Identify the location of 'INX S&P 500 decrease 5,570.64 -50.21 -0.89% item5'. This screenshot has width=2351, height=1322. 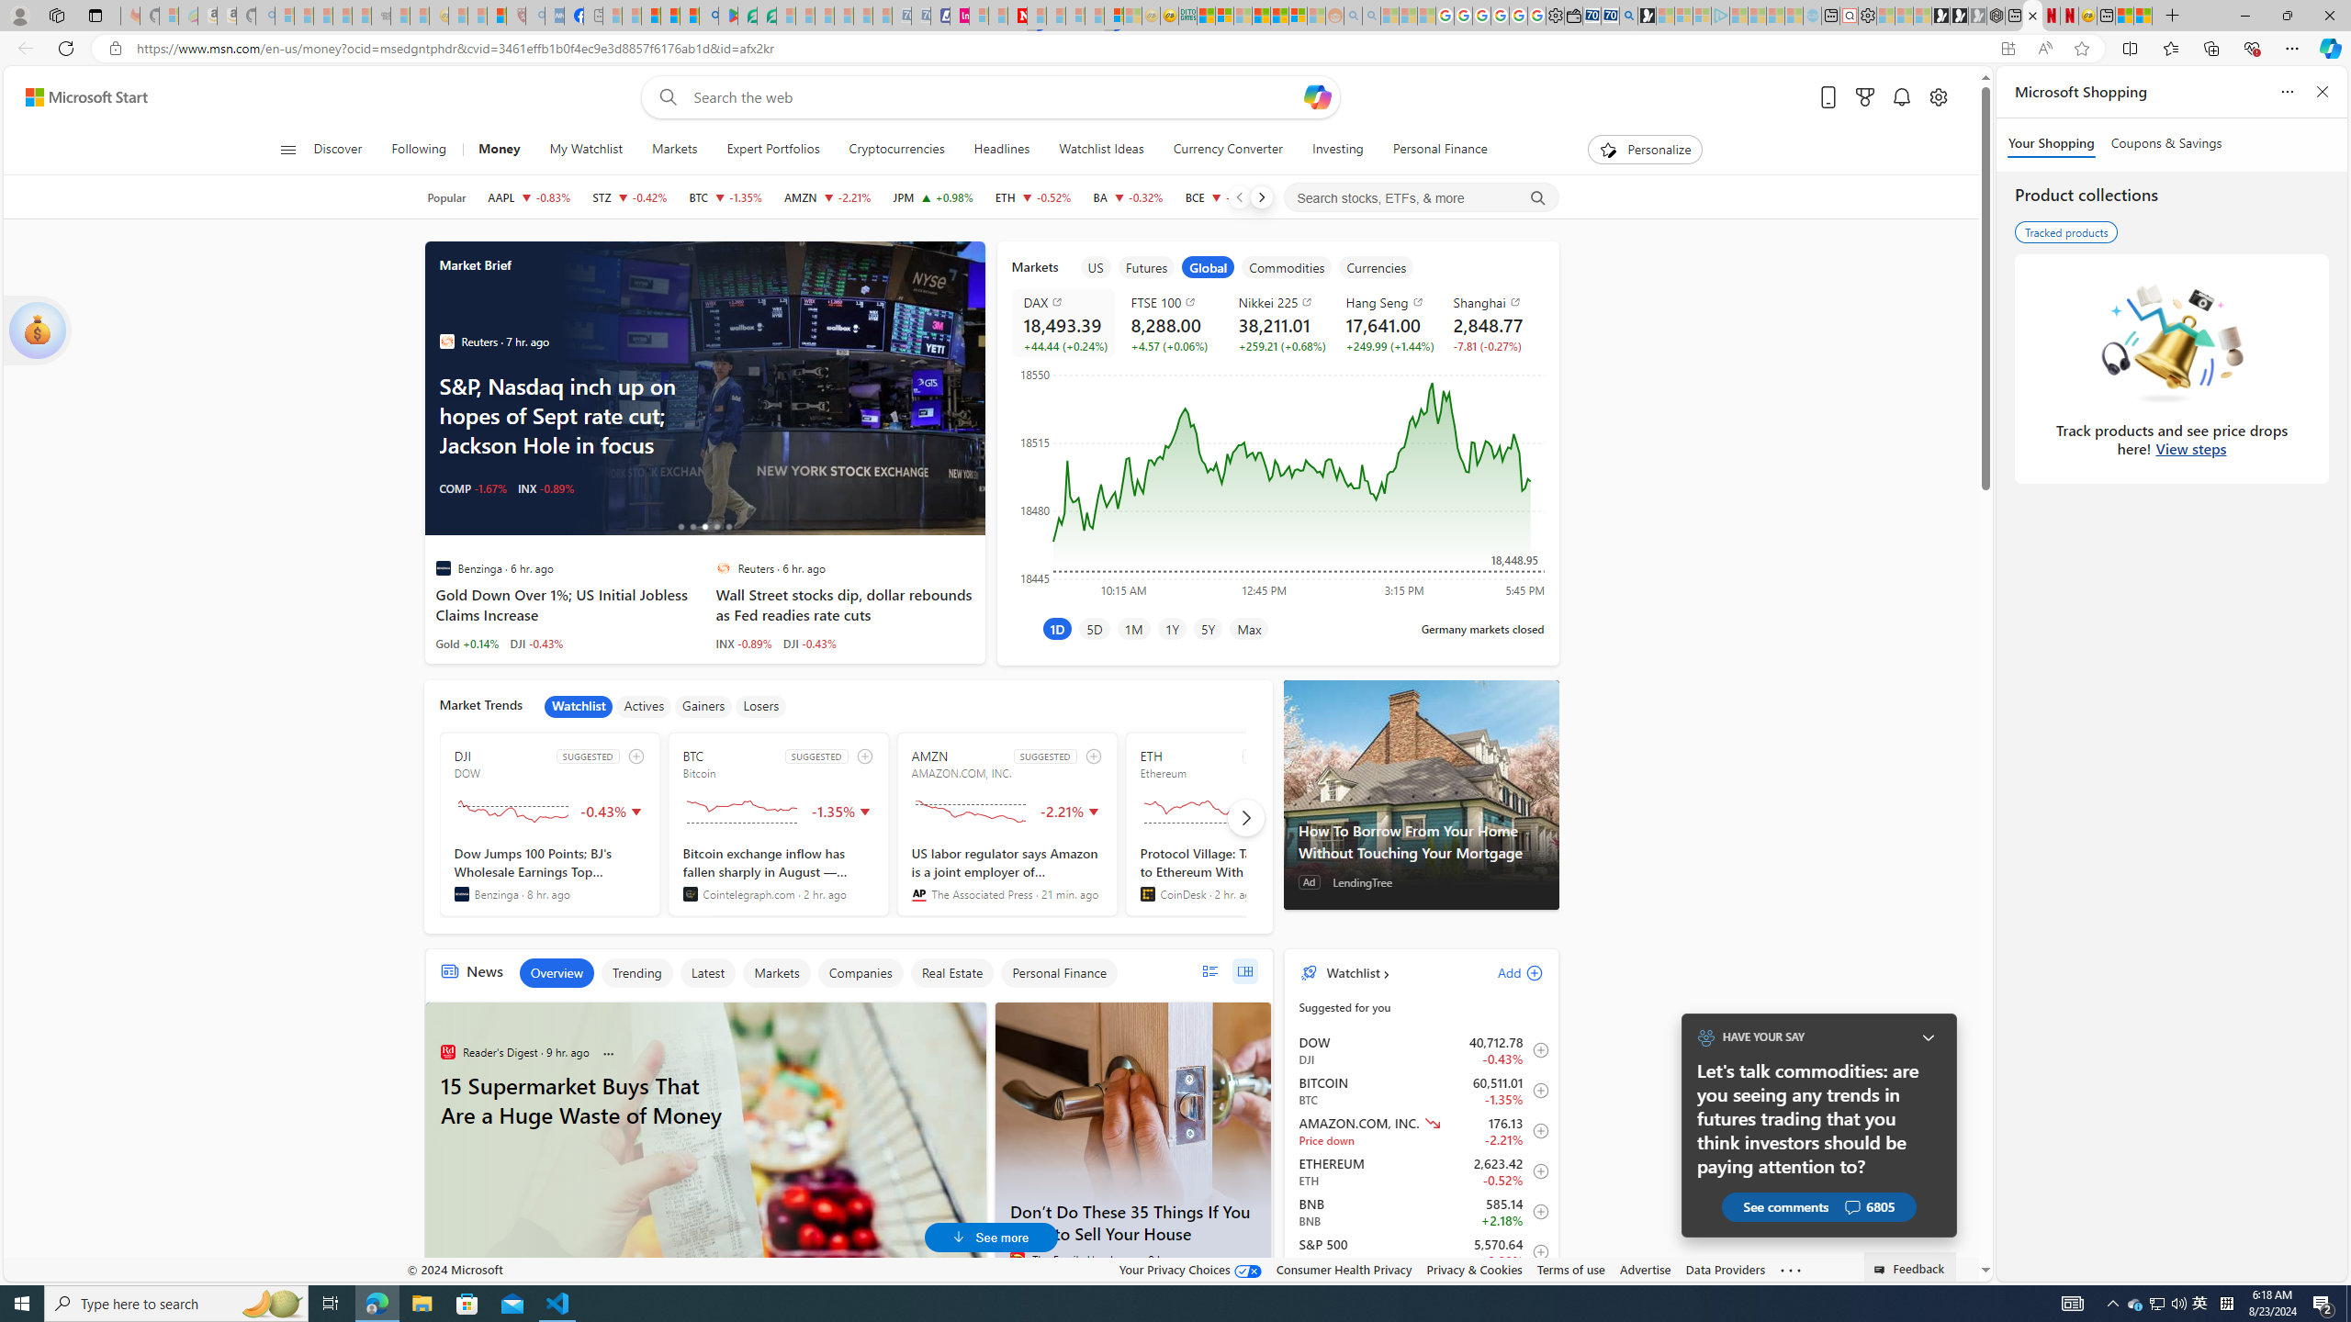
(1422, 1251).